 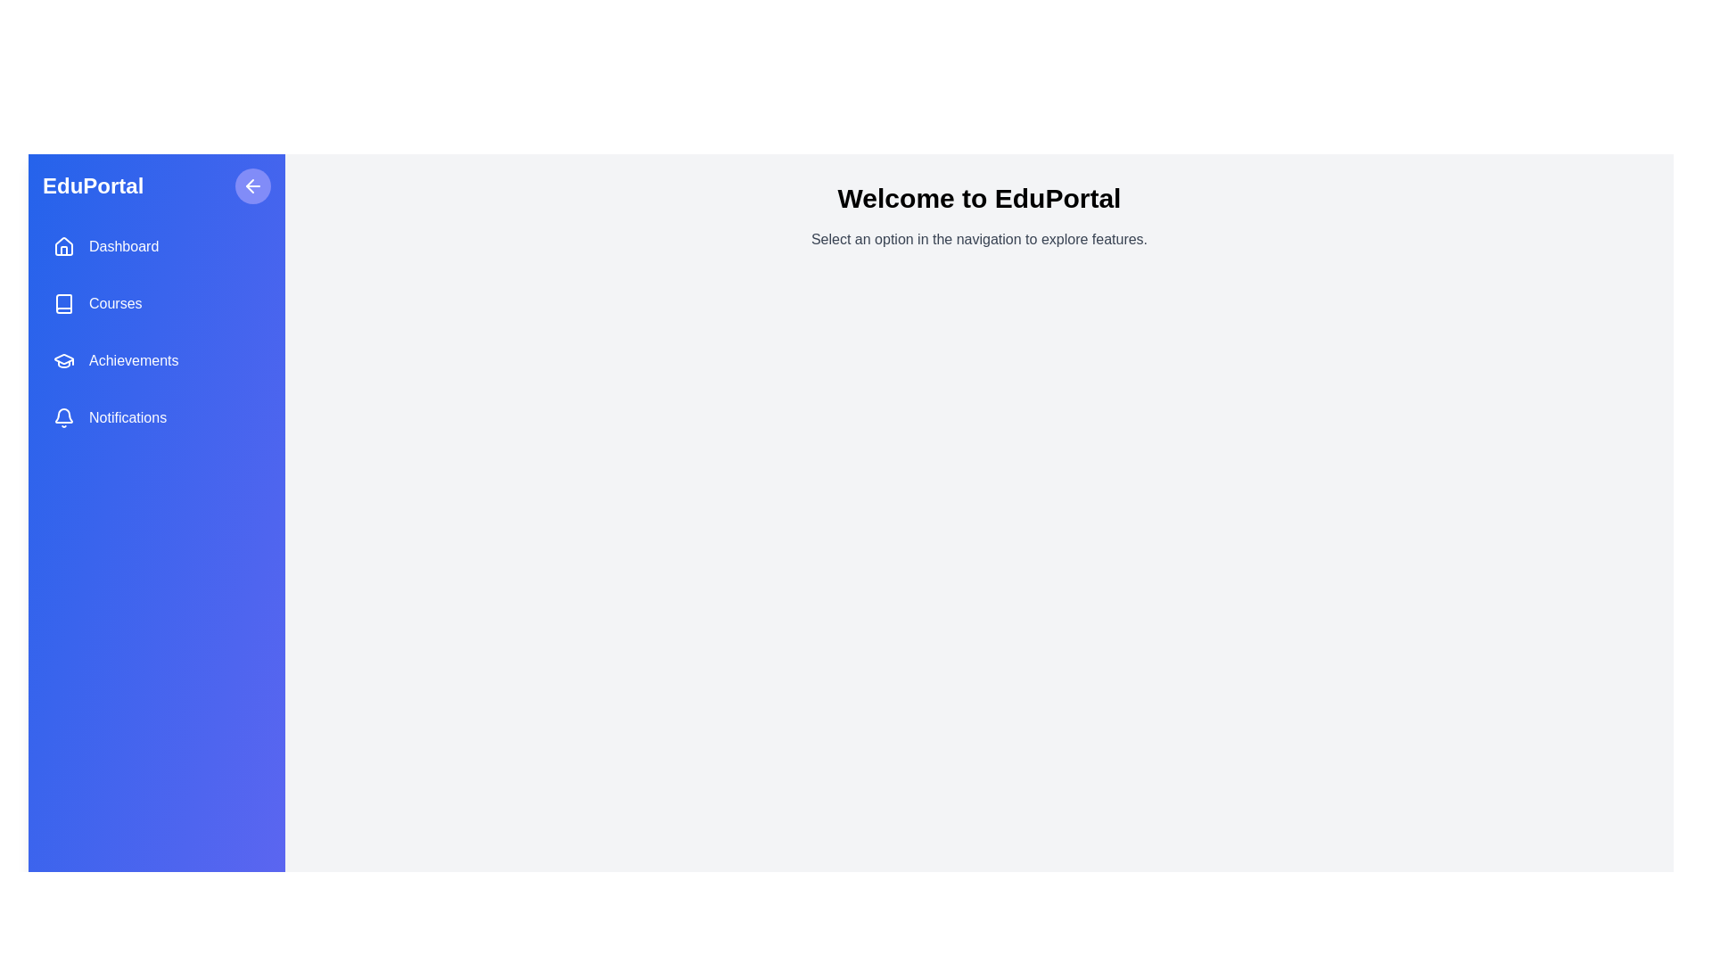 What do you see at coordinates (157, 302) in the screenshot?
I see `the menu item Courses to select it` at bounding box center [157, 302].